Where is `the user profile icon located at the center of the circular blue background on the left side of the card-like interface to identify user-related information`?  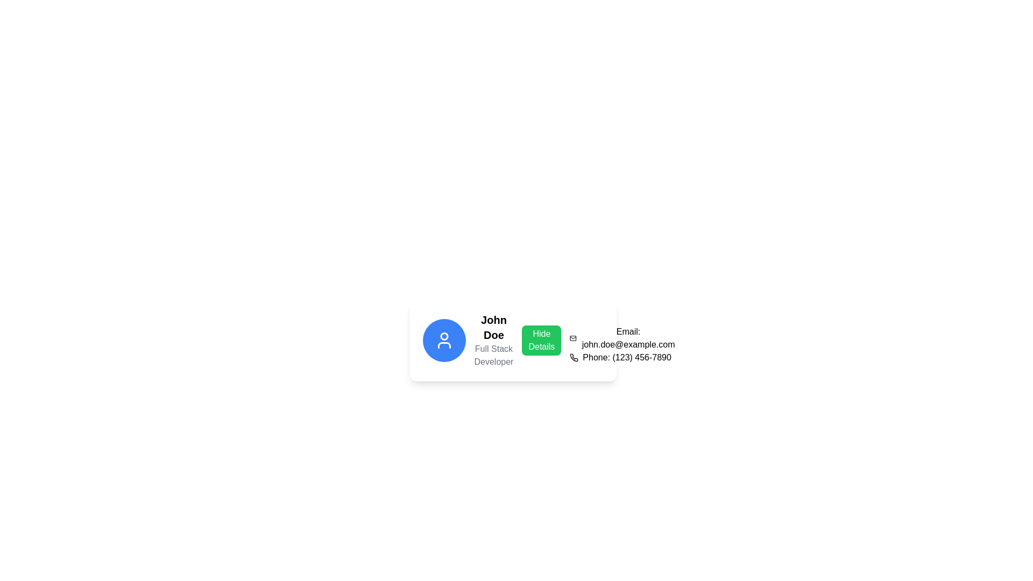
the user profile icon located at the center of the circular blue background on the left side of the card-like interface to identify user-related information is located at coordinates (444, 340).